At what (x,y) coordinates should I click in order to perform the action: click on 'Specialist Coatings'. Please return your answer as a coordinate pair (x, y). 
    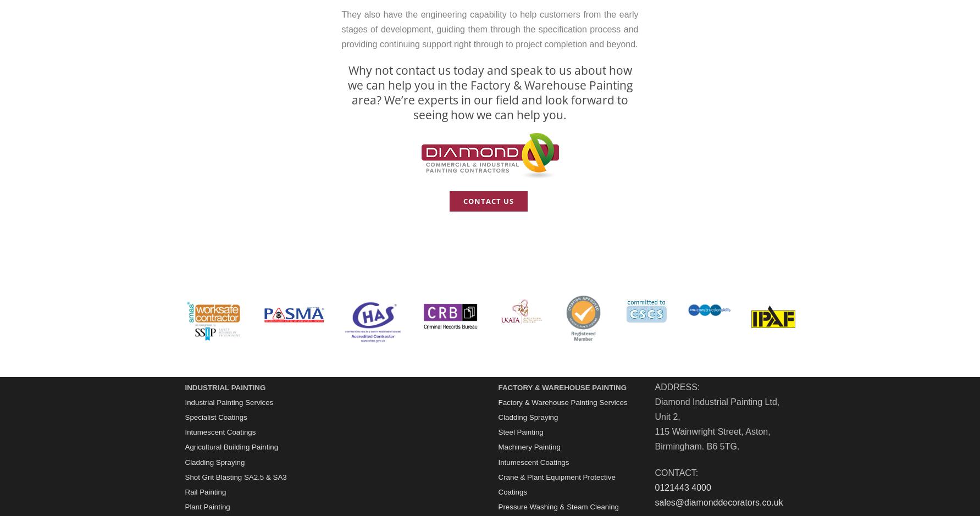
    Looking at the image, I should click on (215, 417).